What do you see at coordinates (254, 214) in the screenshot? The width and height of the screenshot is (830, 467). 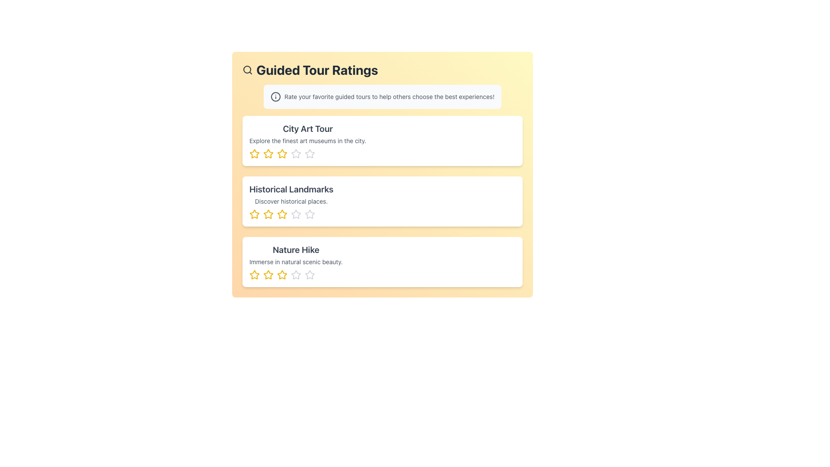 I see `the gold-colored hollow star, which is the first star in the second row of the rating stars under the 'Historical Landmarks' category` at bounding box center [254, 214].